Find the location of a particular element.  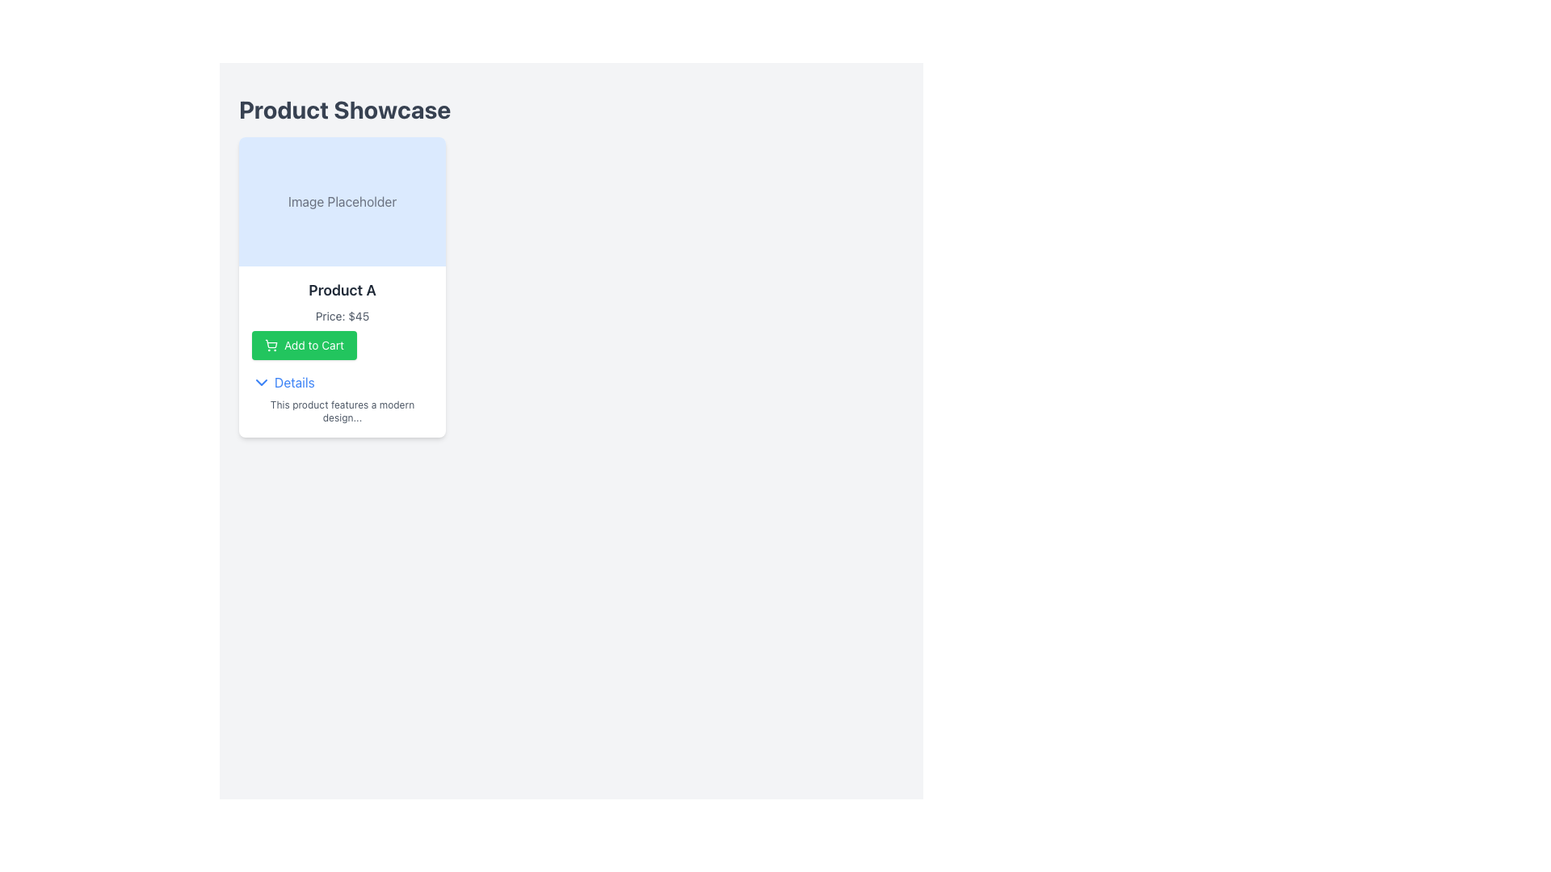

the 'Add to Cart' icon is located at coordinates (271, 343).